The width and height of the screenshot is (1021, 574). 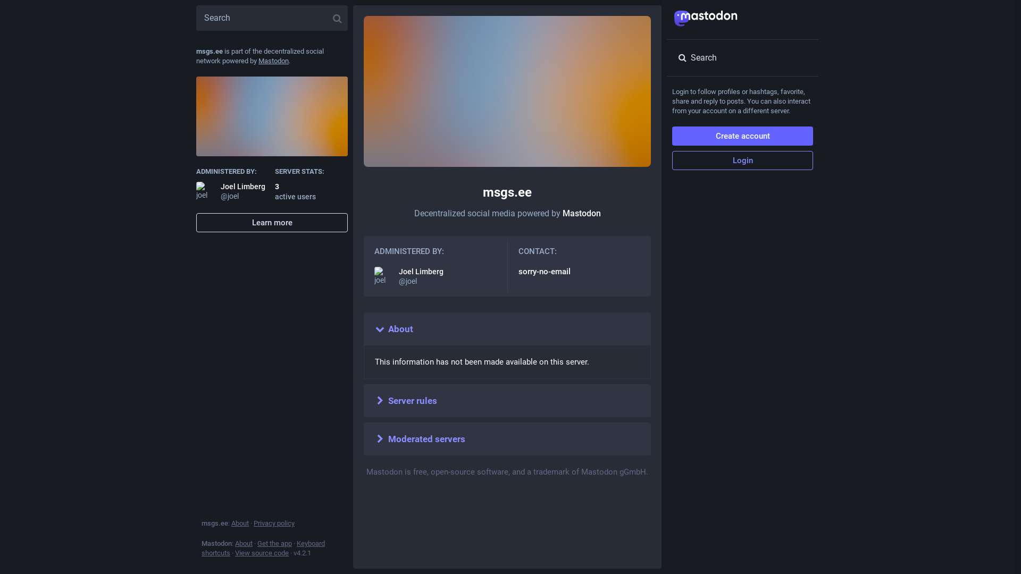 I want to click on 'sorry-no-email', so click(x=543, y=271).